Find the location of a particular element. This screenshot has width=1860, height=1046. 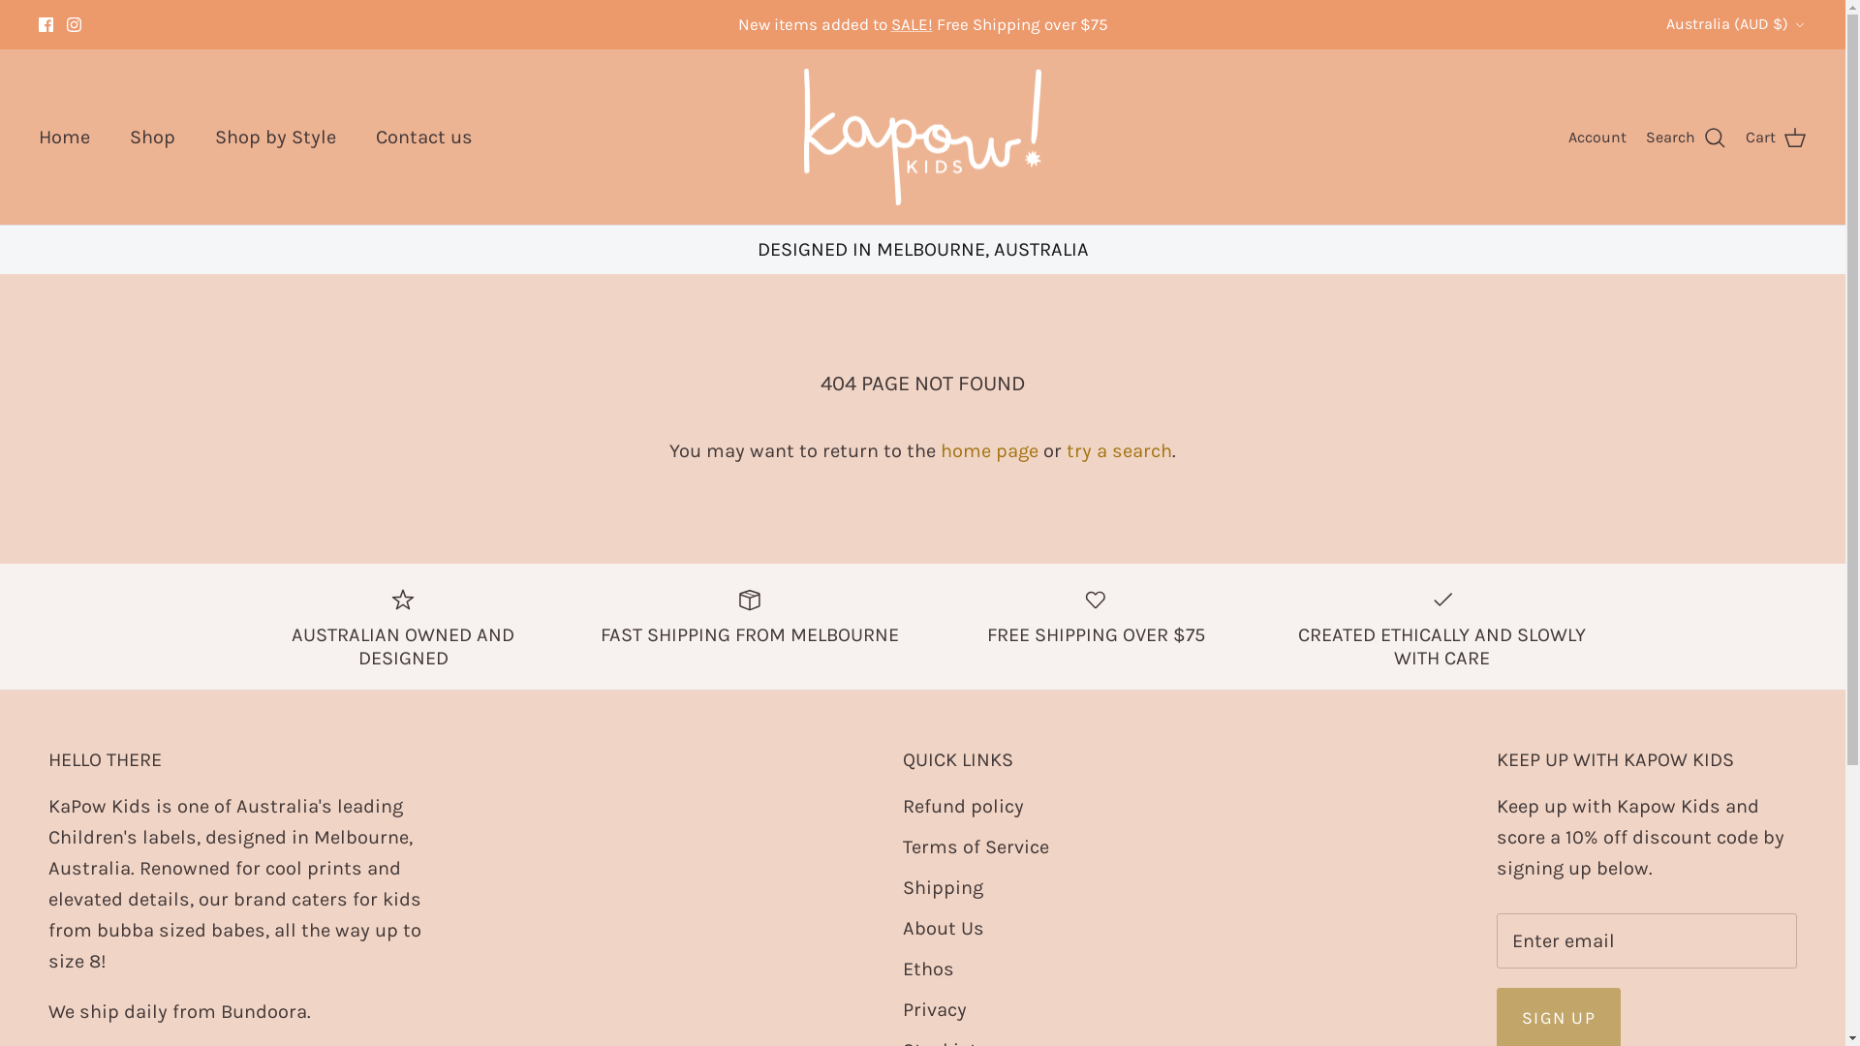

'FREE SHIPPING OVER $75' is located at coordinates (1097, 615).